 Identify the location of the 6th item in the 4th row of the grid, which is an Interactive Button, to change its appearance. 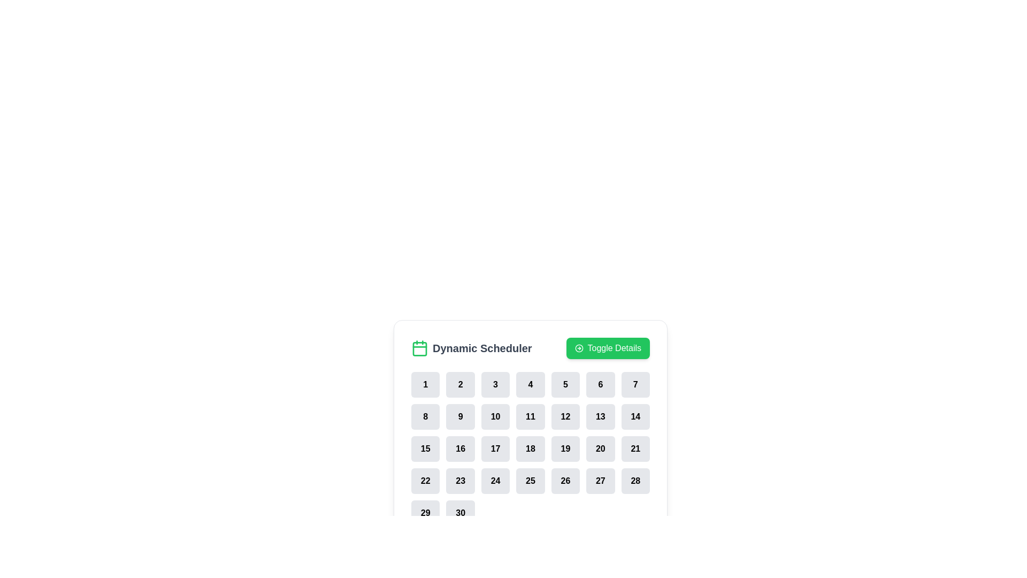
(600, 480).